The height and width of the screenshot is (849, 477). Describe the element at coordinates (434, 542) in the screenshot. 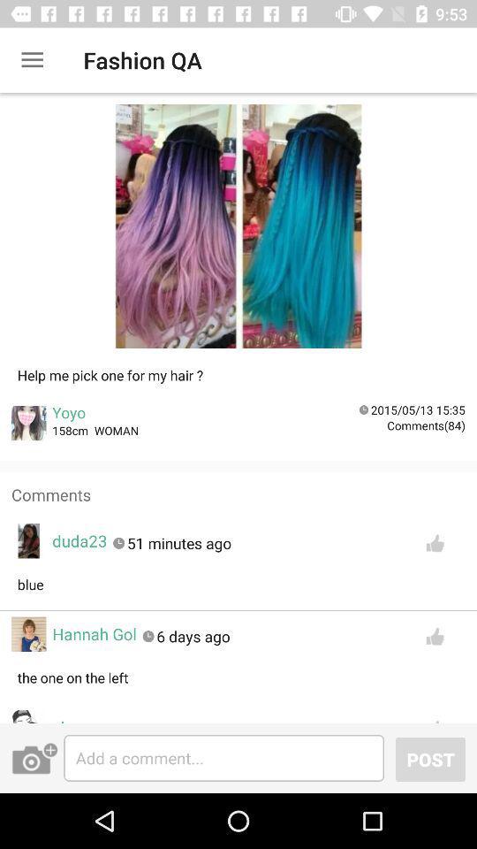

I see `like this comment` at that location.